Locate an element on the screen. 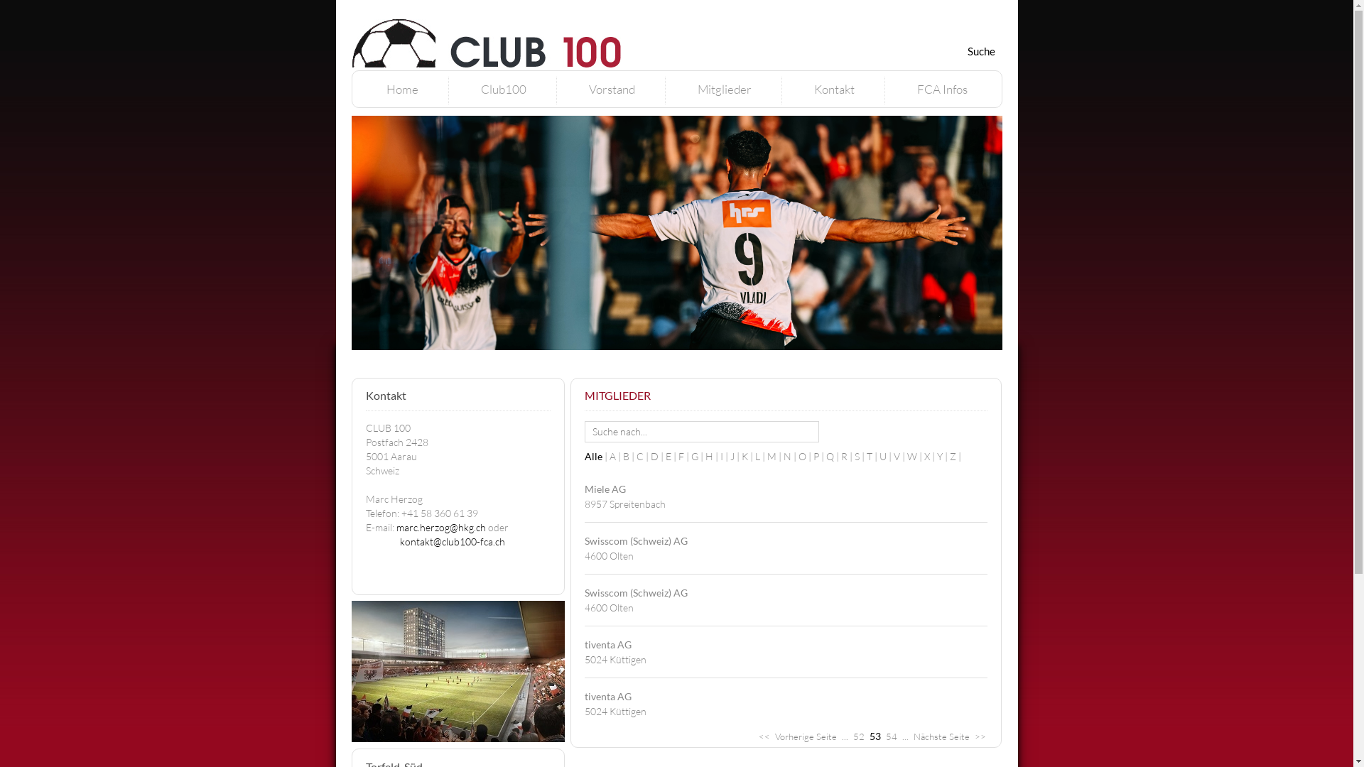  '54' is located at coordinates (889, 736).